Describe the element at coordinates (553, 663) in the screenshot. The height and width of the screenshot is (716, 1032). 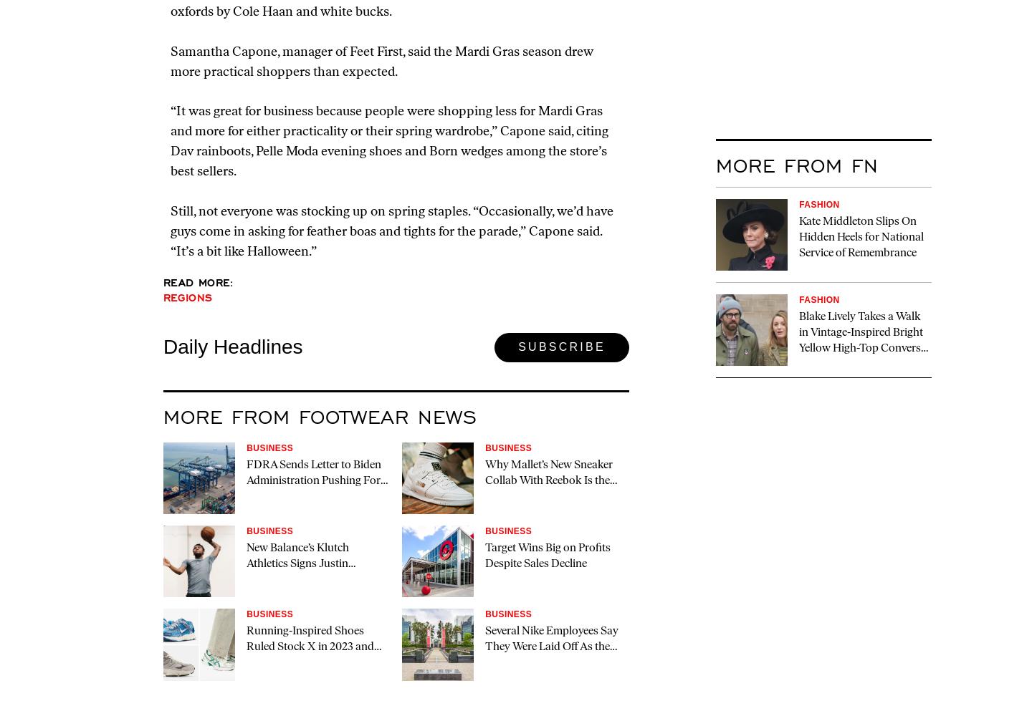
I see `'Several Nike Employees Say They Were Laid Off As the Company Announces Major C-Suite Design and Marketing Shifts'` at that location.